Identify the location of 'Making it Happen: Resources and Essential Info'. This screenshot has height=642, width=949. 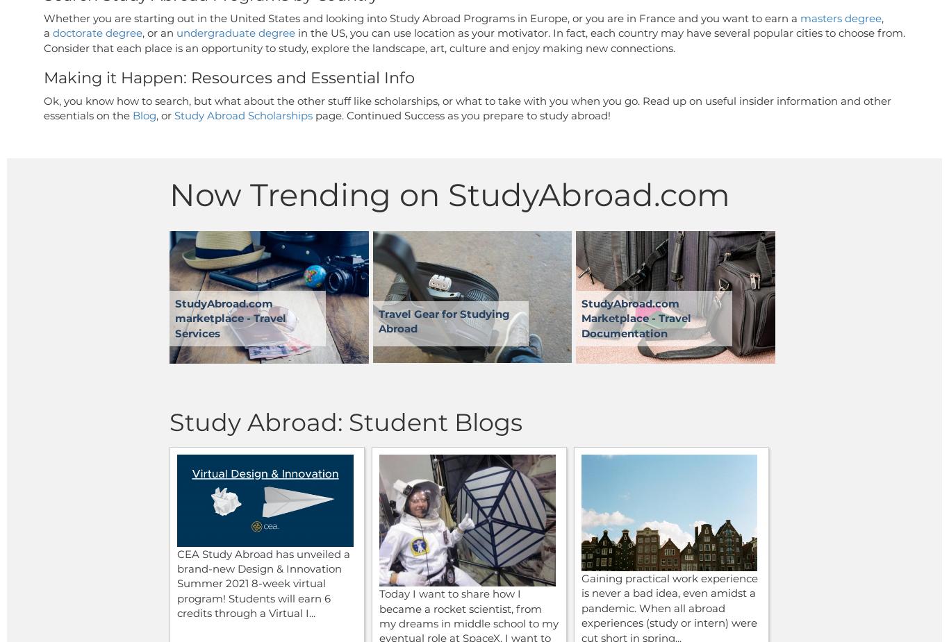
(229, 77).